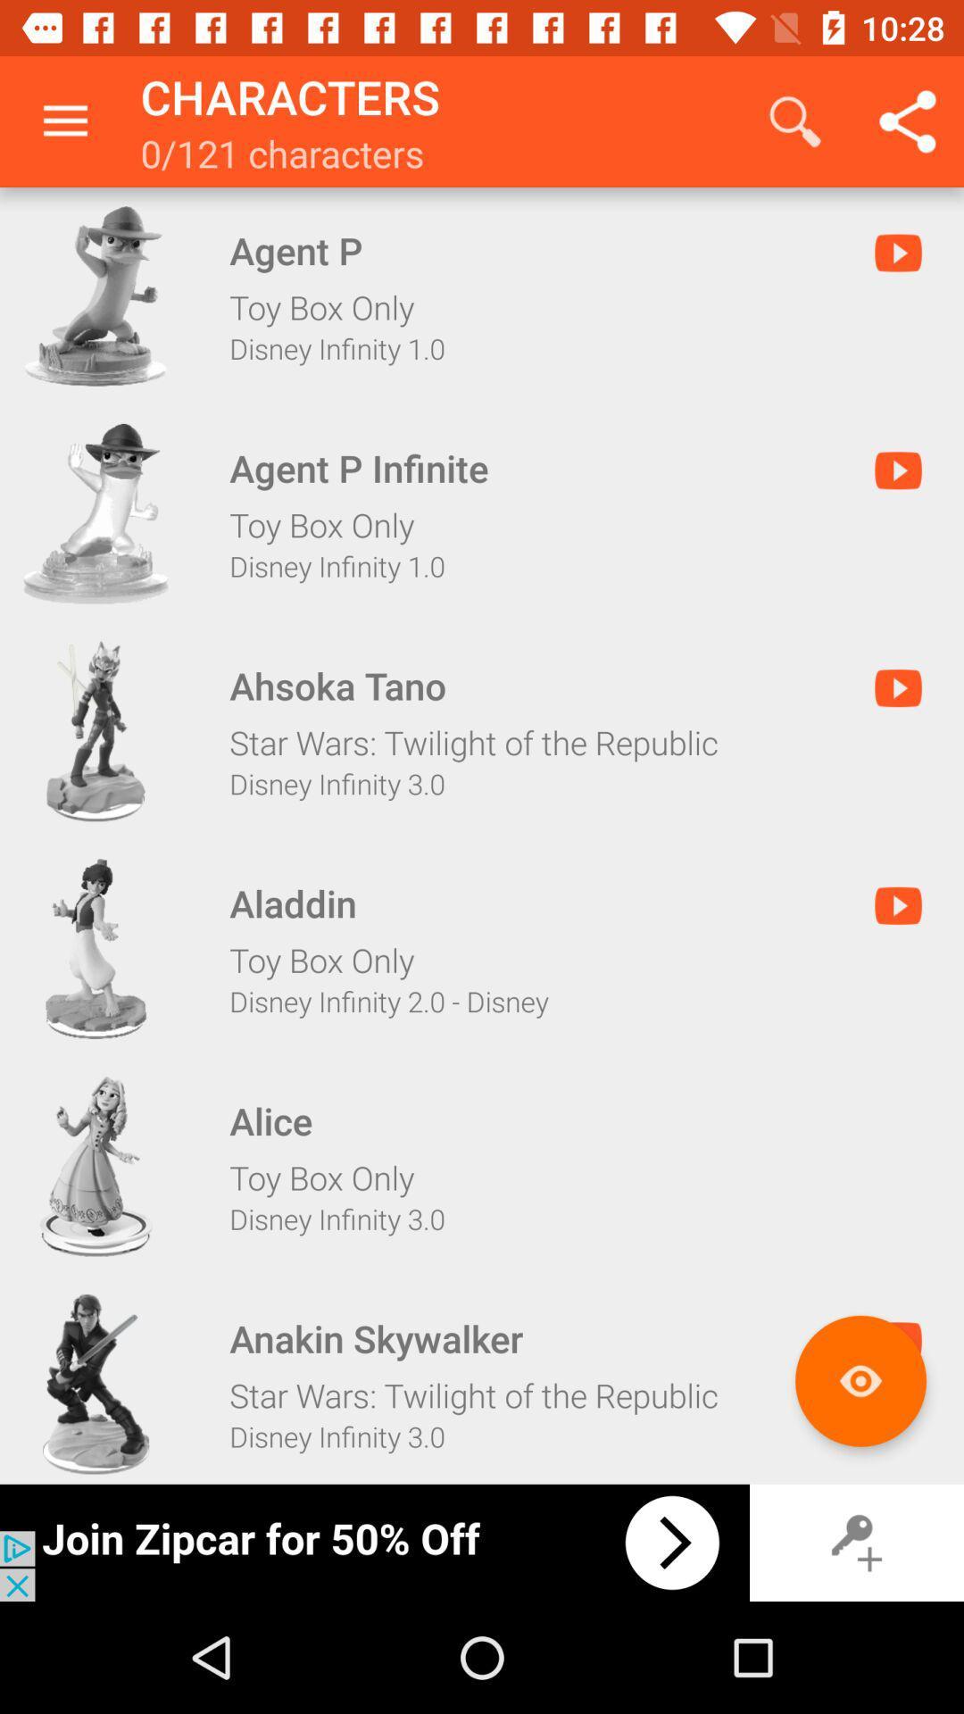  I want to click on aladdin character, so click(96, 948).